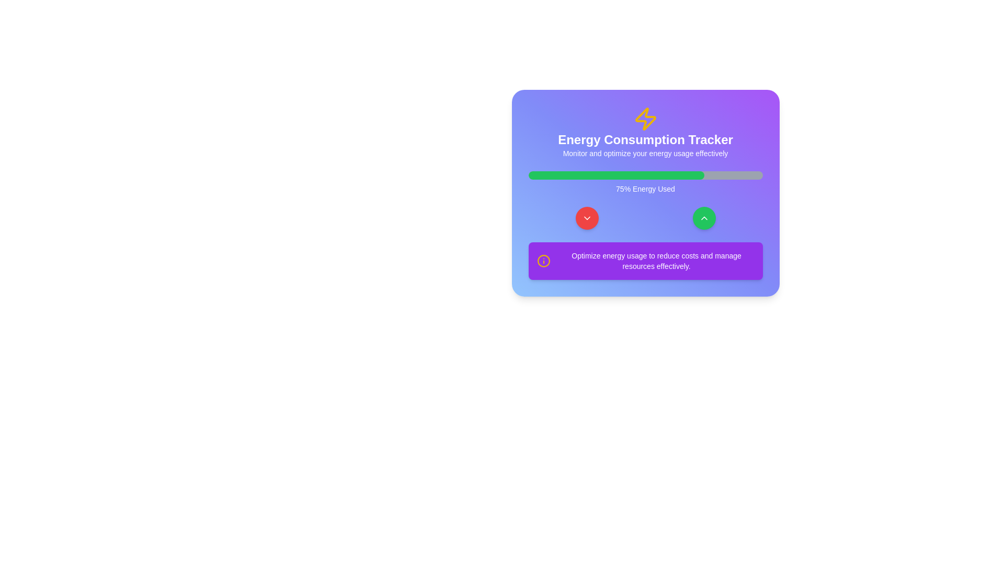 Image resolution: width=1004 pixels, height=564 pixels. I want to click on the lightning bolt icon with a yellow outline located in the top-middle section of the UI card, above the title 'Energy Consumption Tracker.', so click(645, 118).